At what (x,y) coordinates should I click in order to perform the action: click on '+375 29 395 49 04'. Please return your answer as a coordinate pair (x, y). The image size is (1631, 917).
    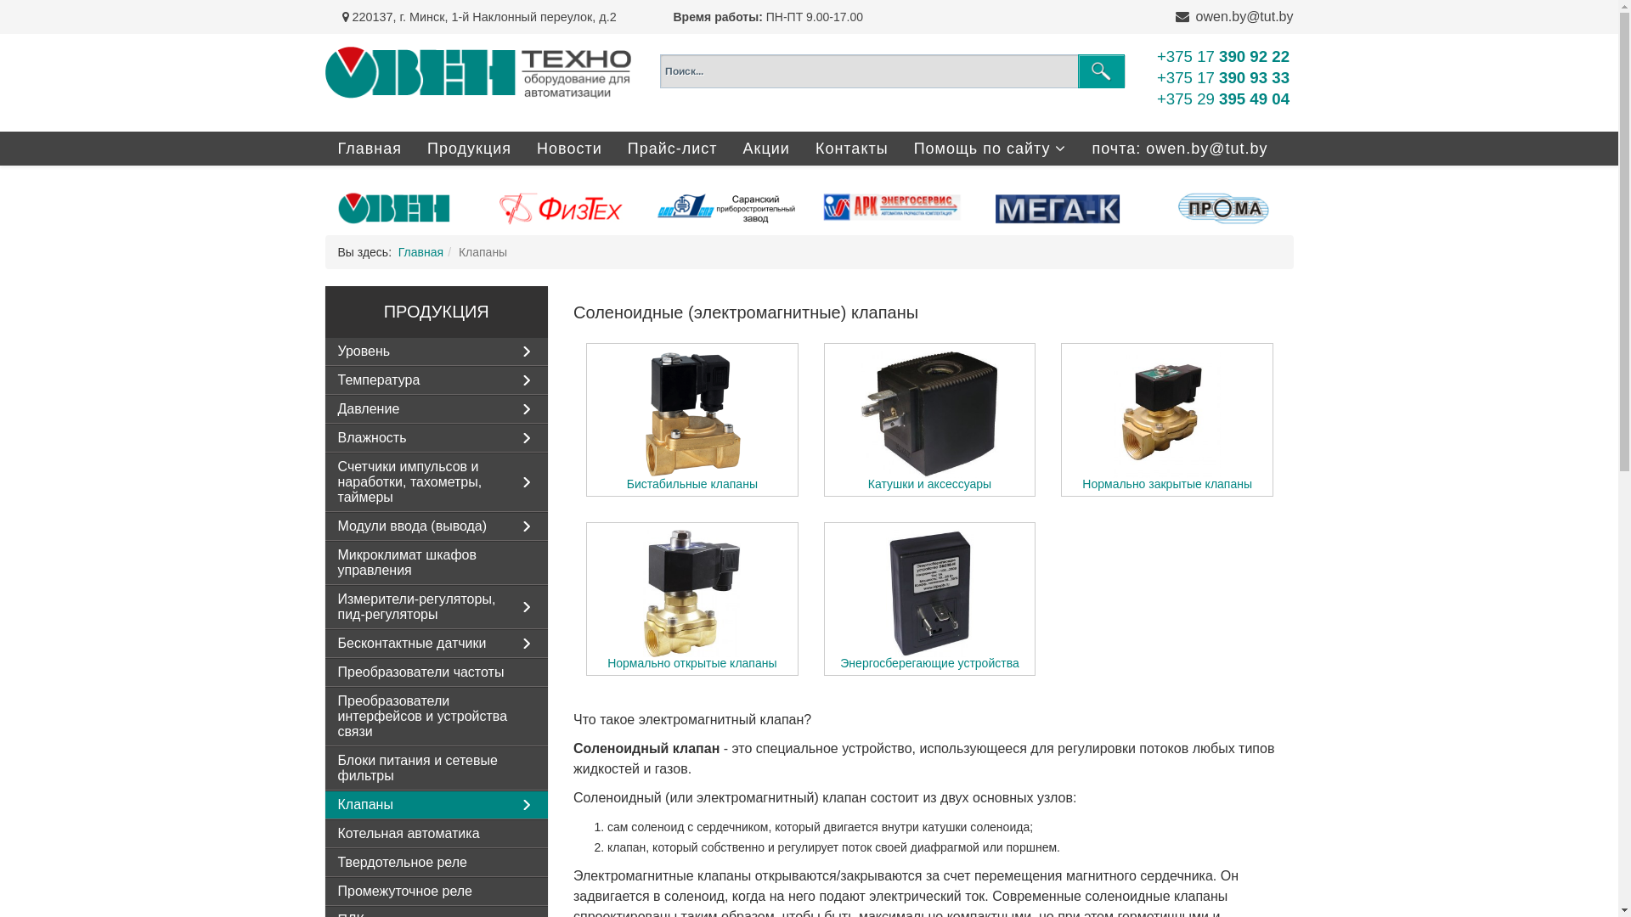
    Looking at the image, I should click on (1156, 98).